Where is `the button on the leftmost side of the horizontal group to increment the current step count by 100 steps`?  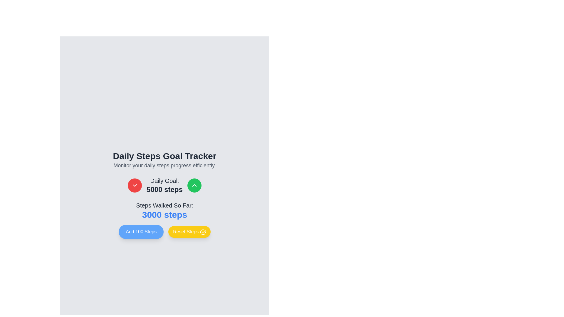
the button on the leftmost side of the horizontal group to increment the current step count by 100 steps is located at coordinates (141, 232).